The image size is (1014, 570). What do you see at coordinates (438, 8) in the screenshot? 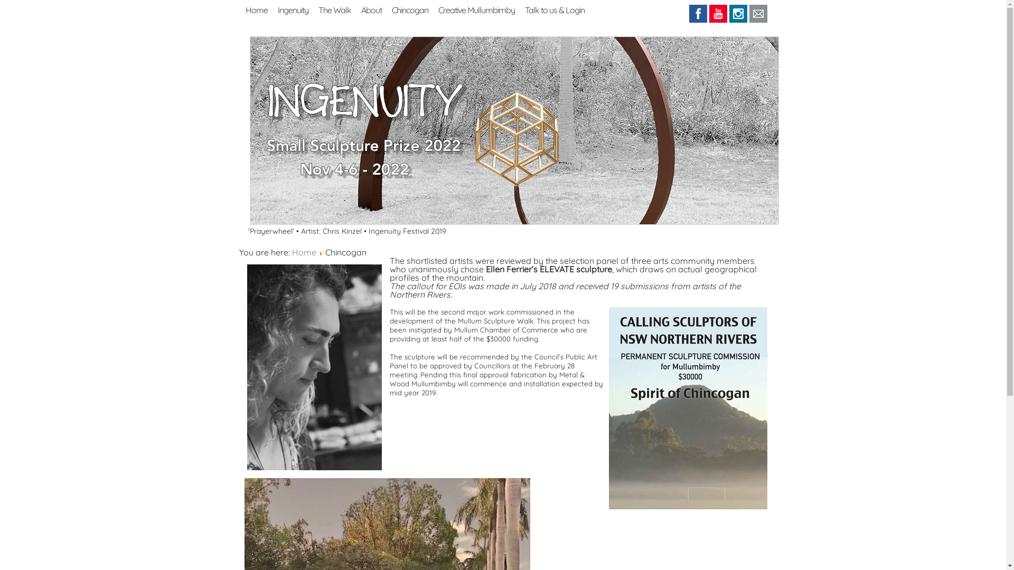
I see `'Creative Mullumbimby'` at bounding box center [438, 8].